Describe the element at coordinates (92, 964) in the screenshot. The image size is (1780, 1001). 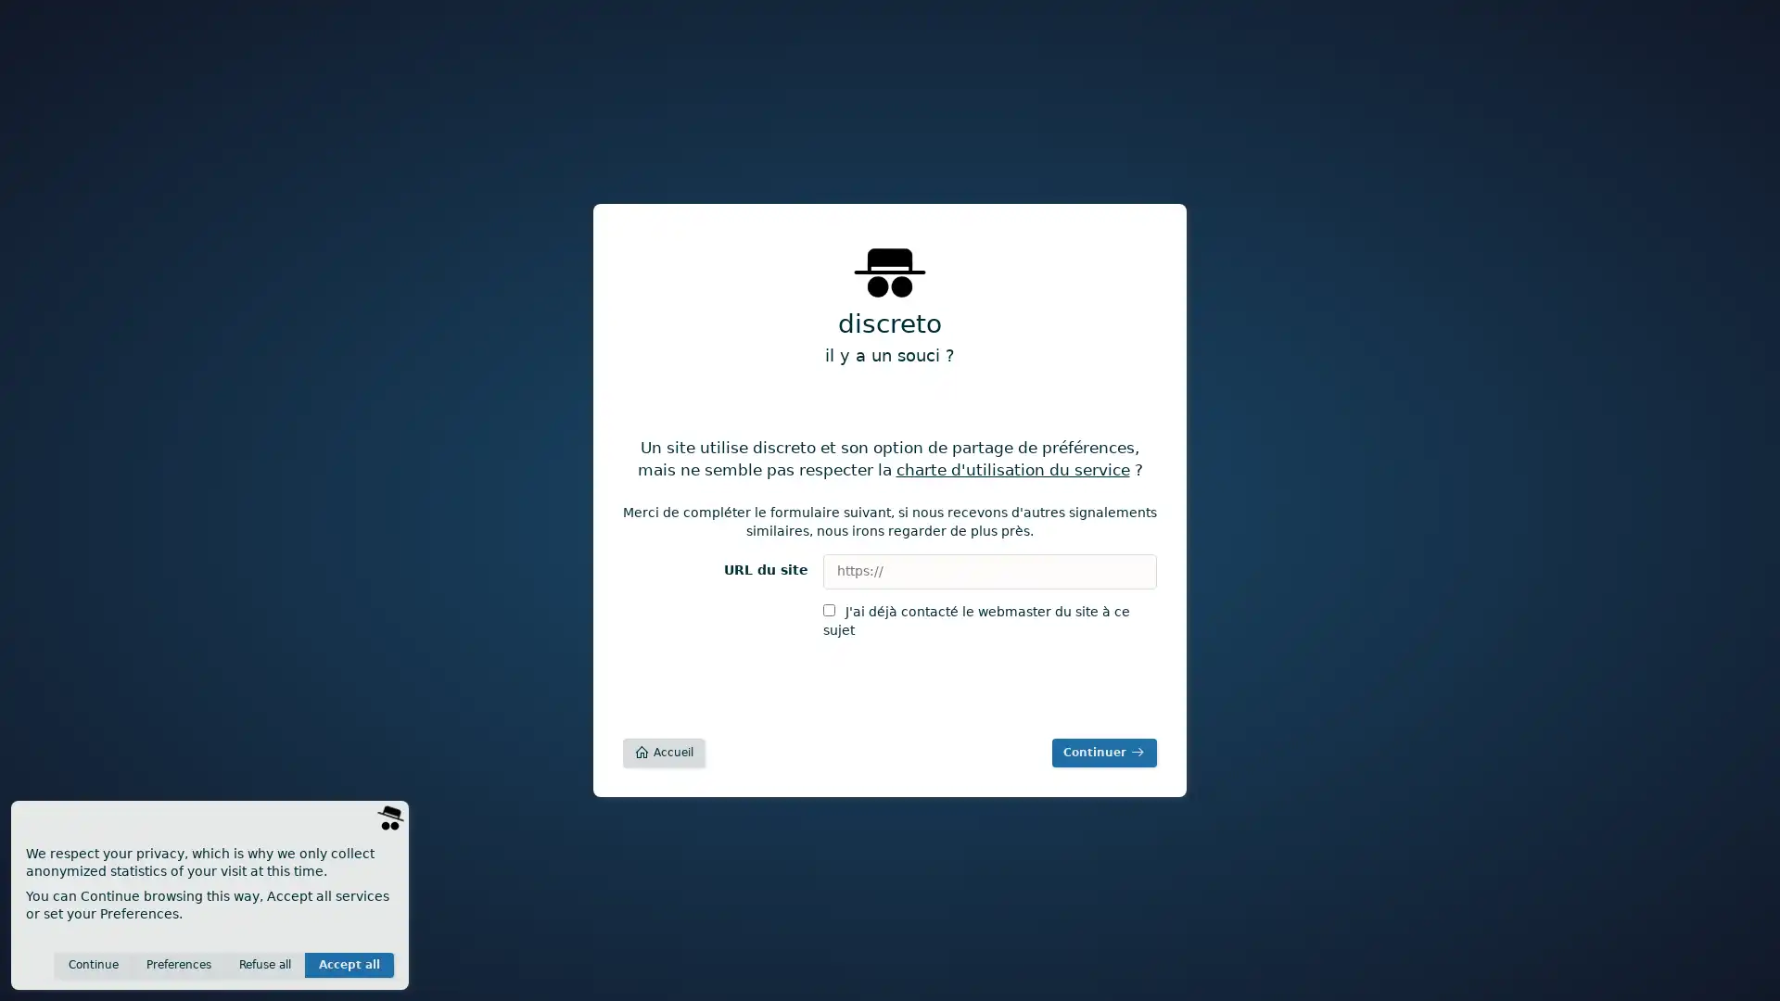
I see `Continue` at that location.